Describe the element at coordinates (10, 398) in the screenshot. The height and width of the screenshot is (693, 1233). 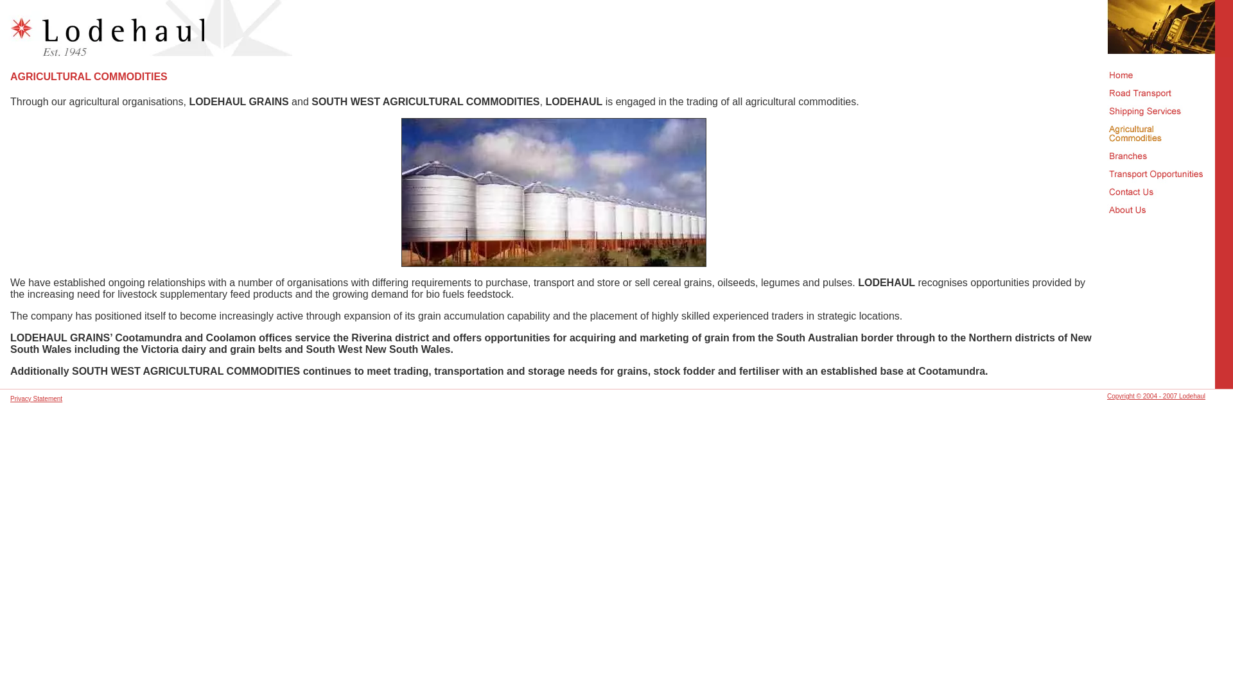
I see `'Privacy Statement'` at that location.